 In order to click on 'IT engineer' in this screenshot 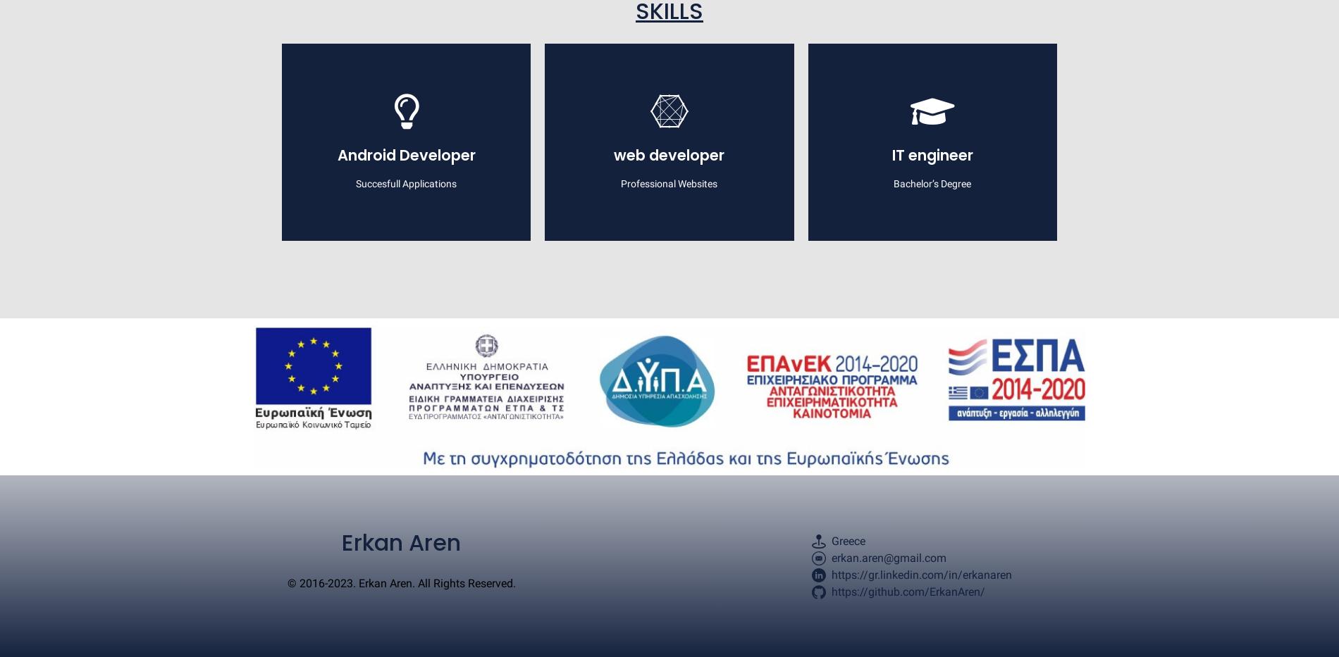, I will do `click(931, 154)`.